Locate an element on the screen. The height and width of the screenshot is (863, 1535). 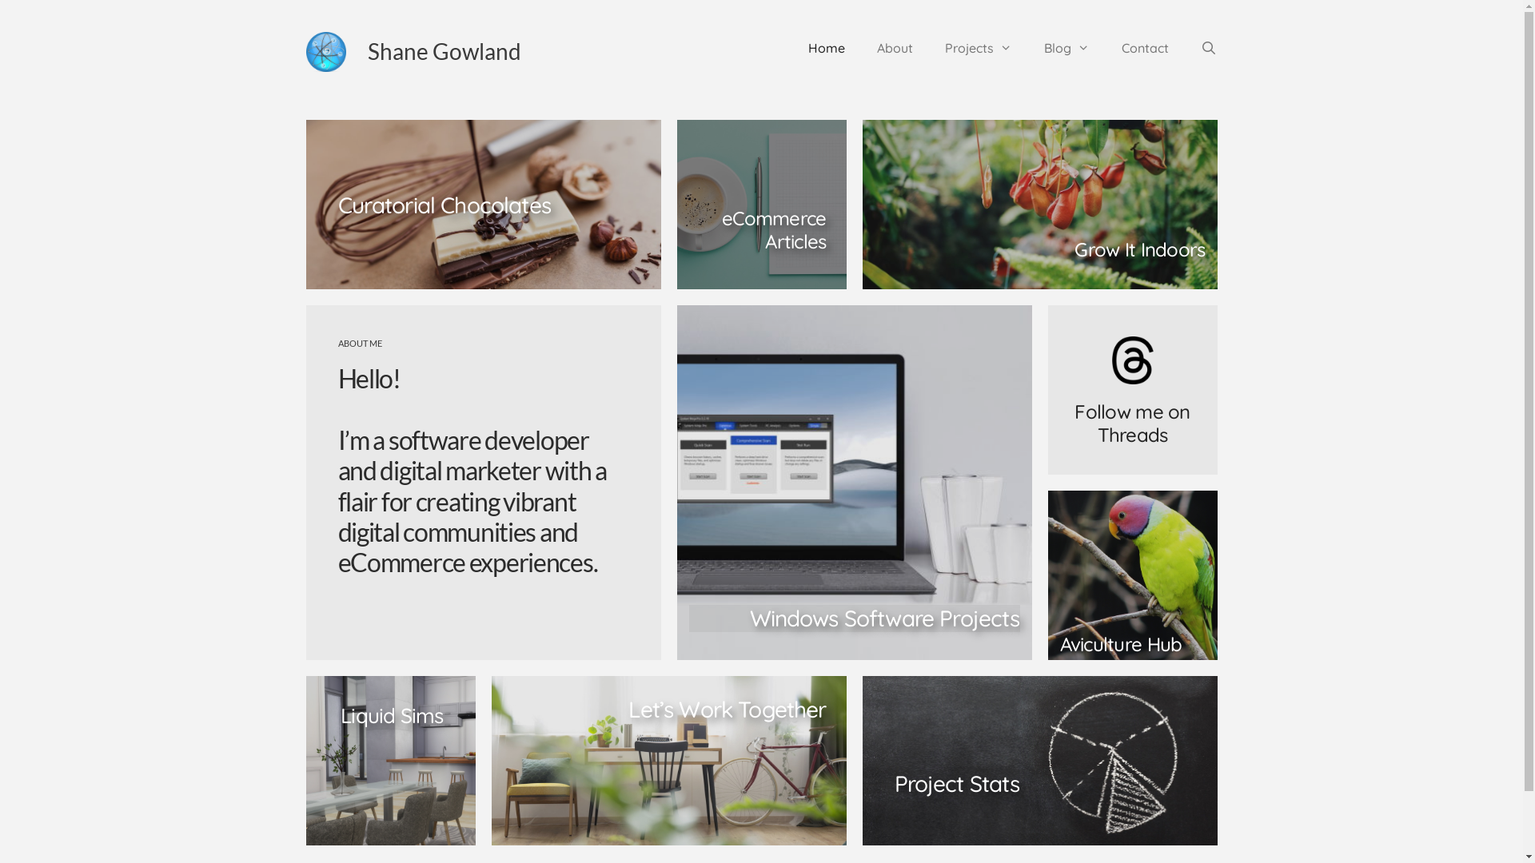
'About' is located at coordinates (859, 47).